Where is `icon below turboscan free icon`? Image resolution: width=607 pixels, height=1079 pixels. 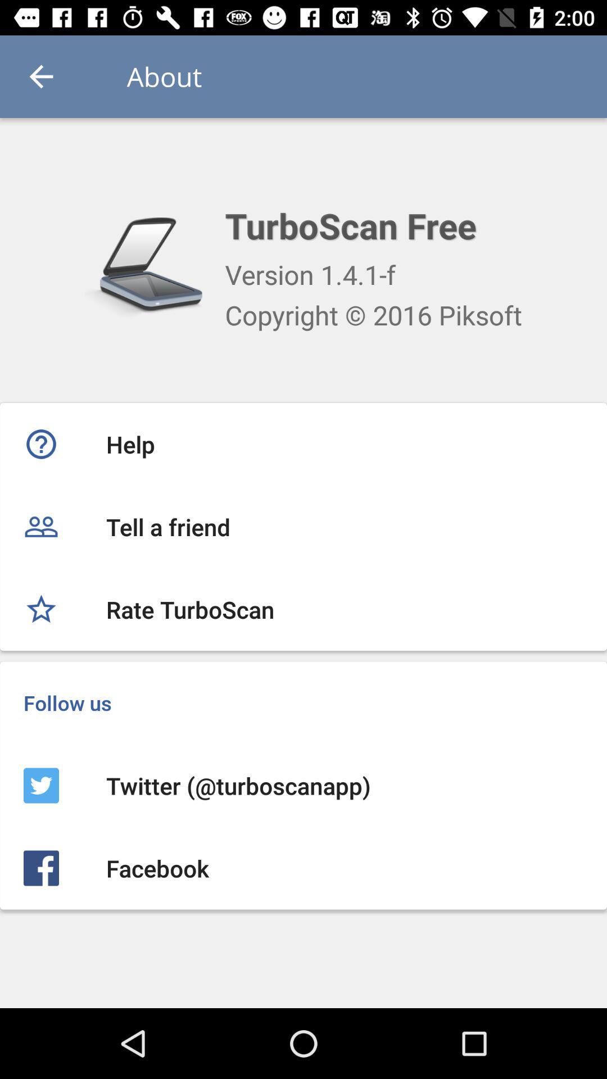 icon below turboscan free icon is located at coordinates (310, 274).